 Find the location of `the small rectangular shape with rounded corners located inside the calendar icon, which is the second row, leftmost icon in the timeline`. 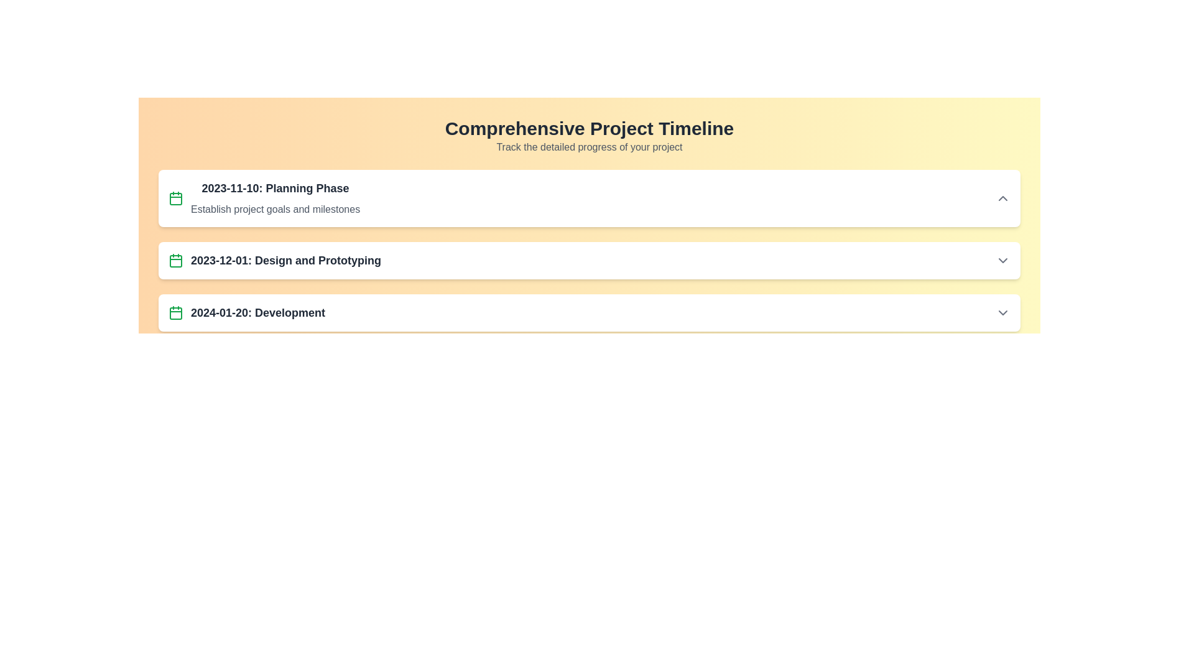

the small rectangular shape with rounded corners located inside the calendar icon, which is the second row, leftmost icon in the timeline is located at coordinates (175, 261).